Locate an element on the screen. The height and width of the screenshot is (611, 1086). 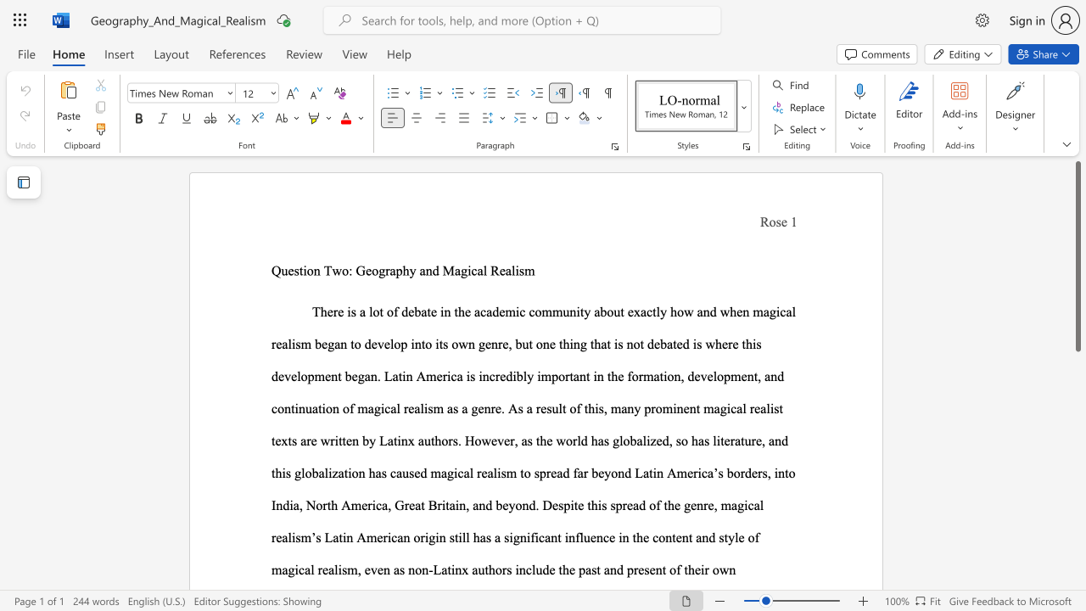
the vertical scrollbar to lower the page content is located at coordinates (1077, 569).